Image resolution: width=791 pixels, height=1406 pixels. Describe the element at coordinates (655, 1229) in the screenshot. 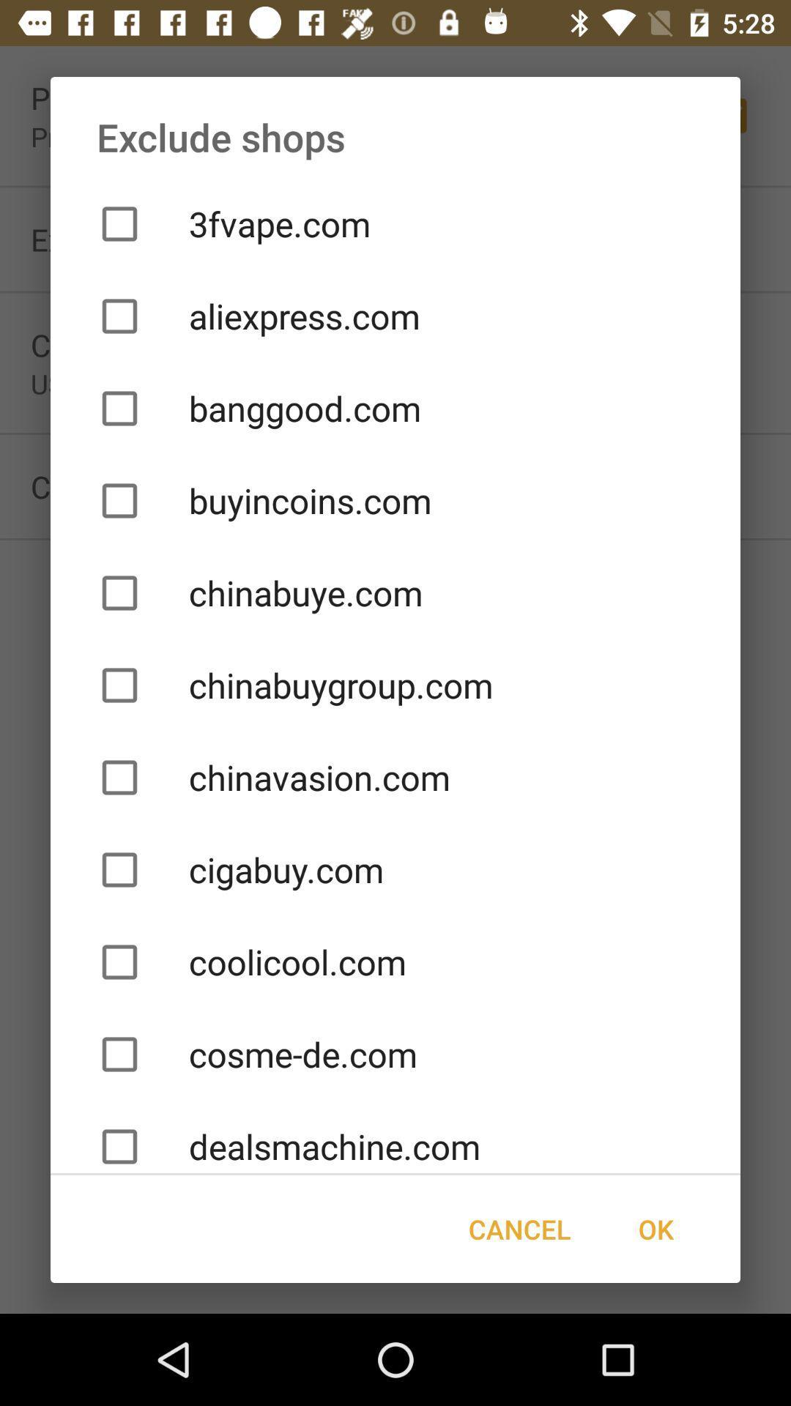

I see `item at the bottom right corner` at that location.